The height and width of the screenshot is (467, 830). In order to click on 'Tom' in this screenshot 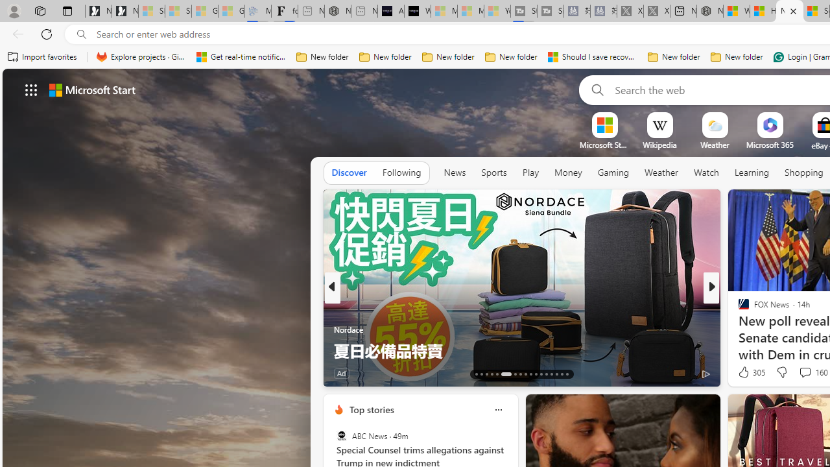, I will do `click(738, 328)`.